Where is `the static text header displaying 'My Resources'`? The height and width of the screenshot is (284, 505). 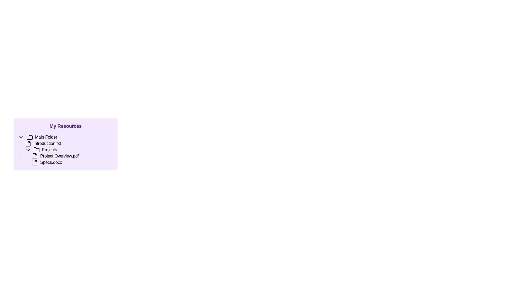
the static text header displaying 'My Resources' is located at coordinates (65, 126).